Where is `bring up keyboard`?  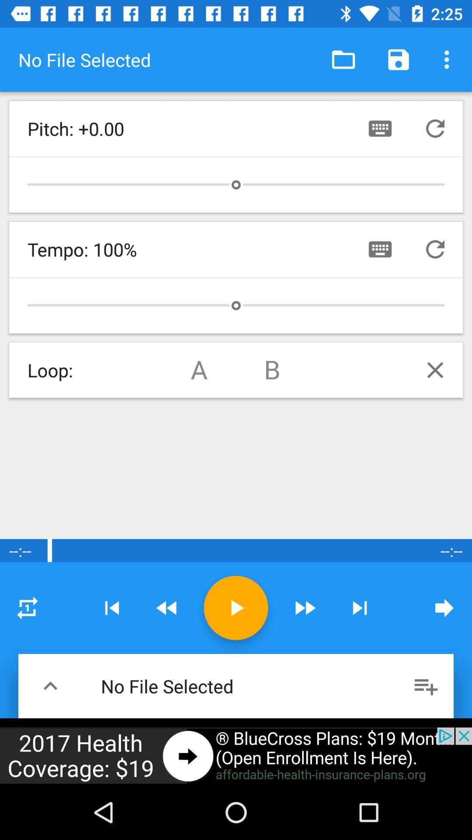
bring up keyboard is located at coordinates (380, 249).